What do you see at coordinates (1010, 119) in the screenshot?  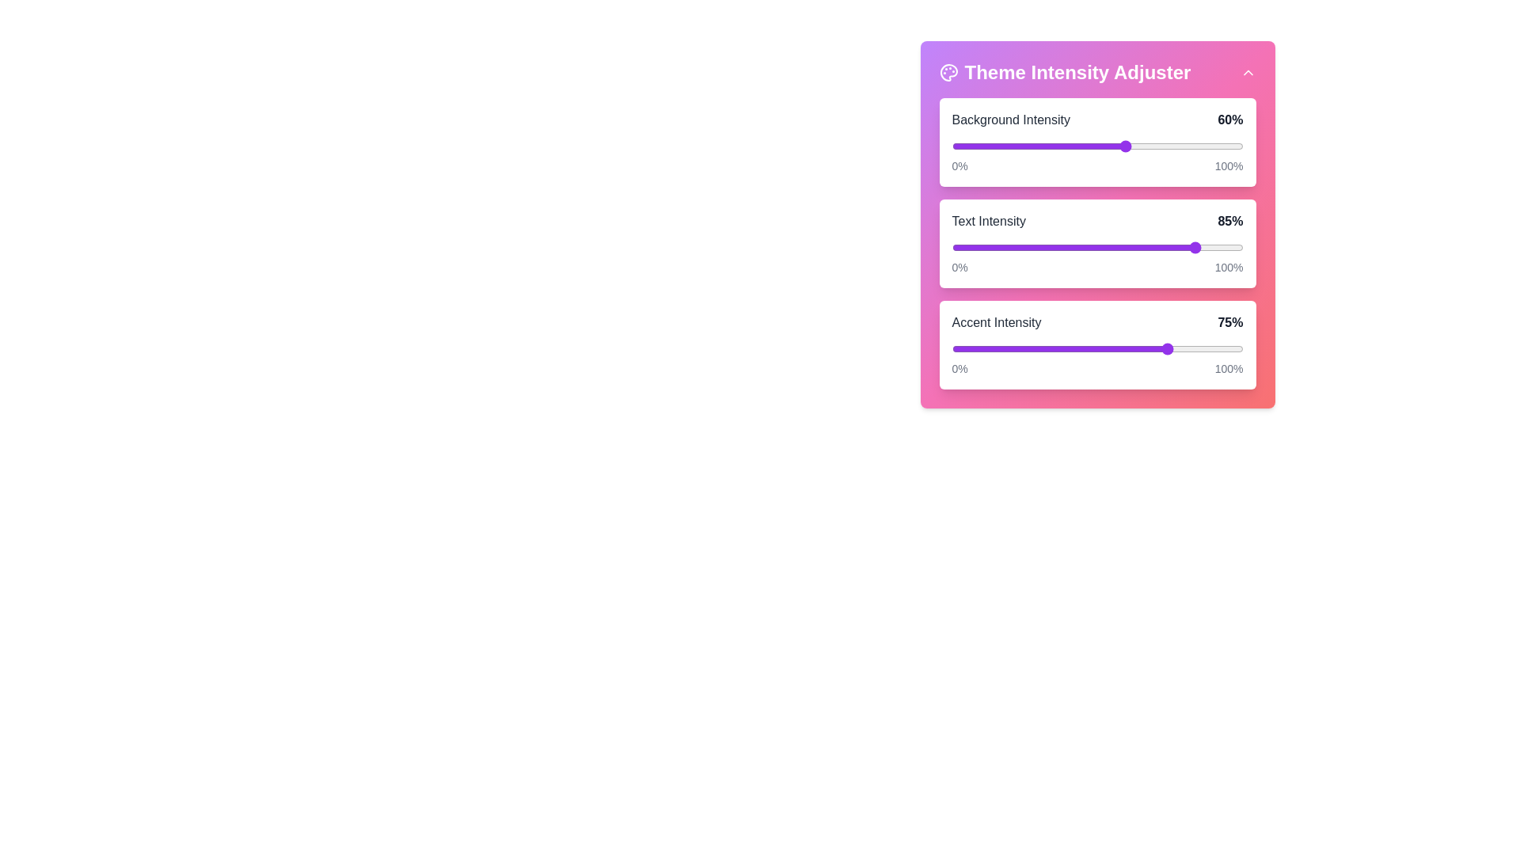 I see `the static text label displaying 'Background Intensity', styled with medium font weight and gray color, located in the theme settings section` at bounding box center [1010, 119].